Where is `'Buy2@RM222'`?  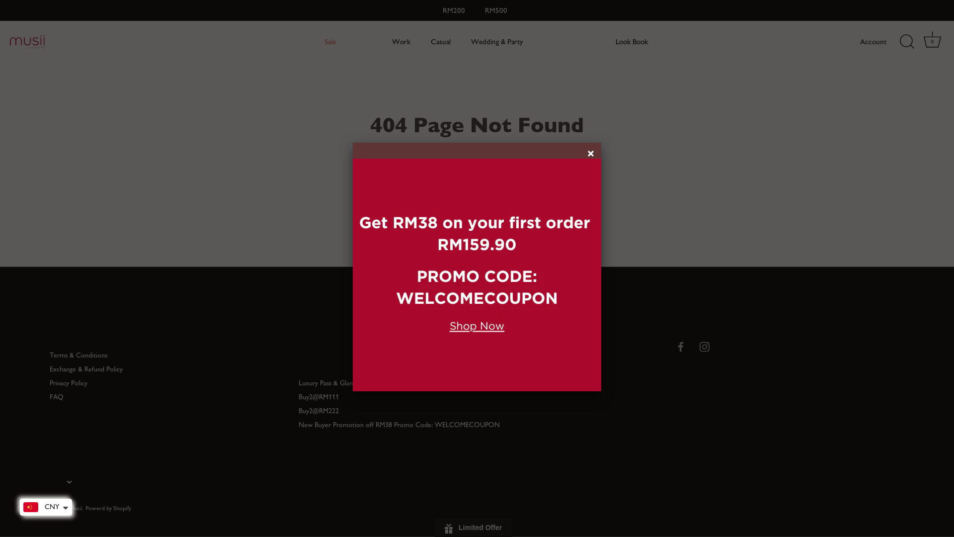 'Buy2@RM222' is located at coordinates (318, 411).